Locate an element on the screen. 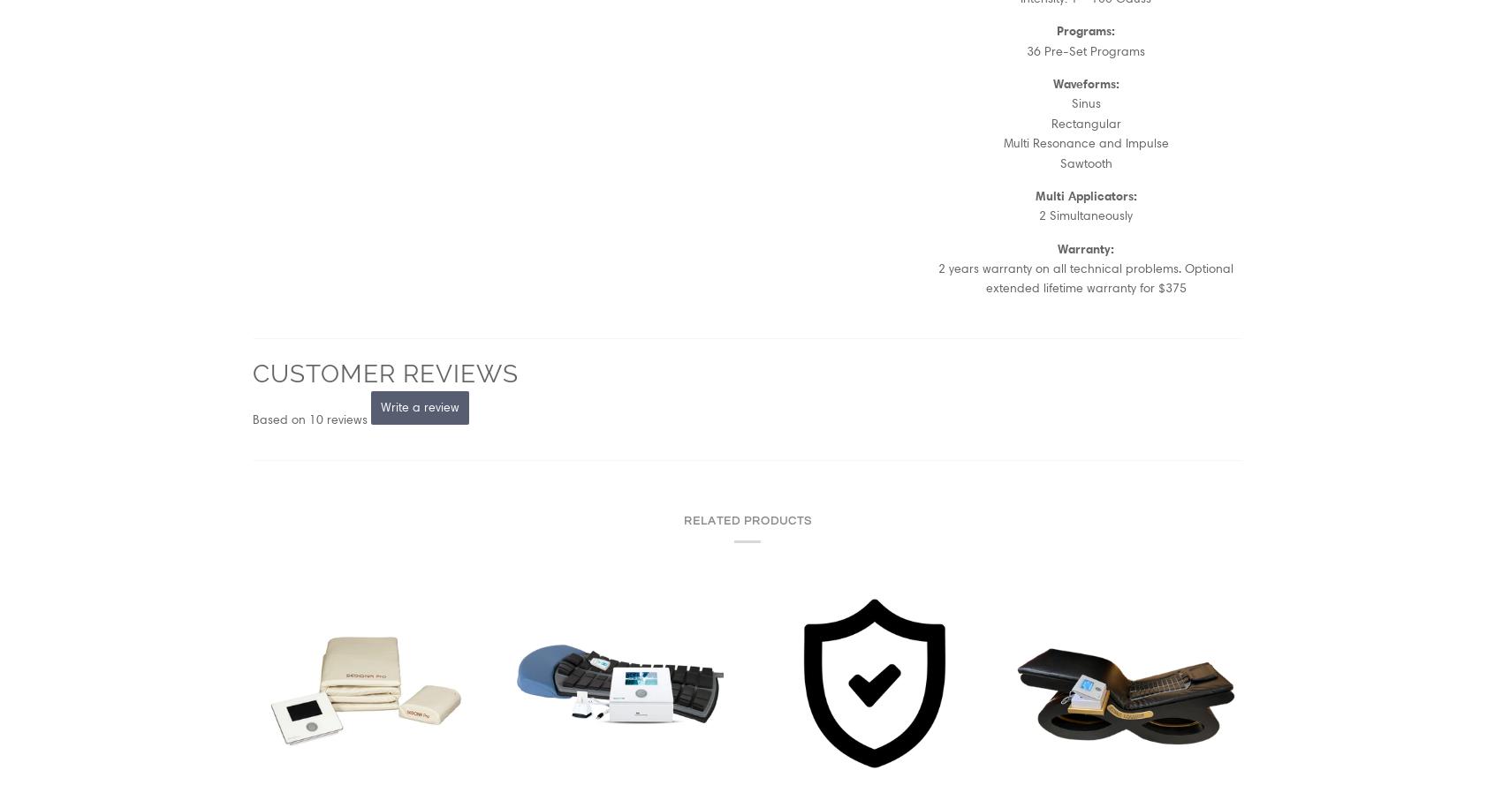 Image resolution: width=1495 pixels, height=808 pixels. 'Sawtooth' is located at coordinates (1085, 162).